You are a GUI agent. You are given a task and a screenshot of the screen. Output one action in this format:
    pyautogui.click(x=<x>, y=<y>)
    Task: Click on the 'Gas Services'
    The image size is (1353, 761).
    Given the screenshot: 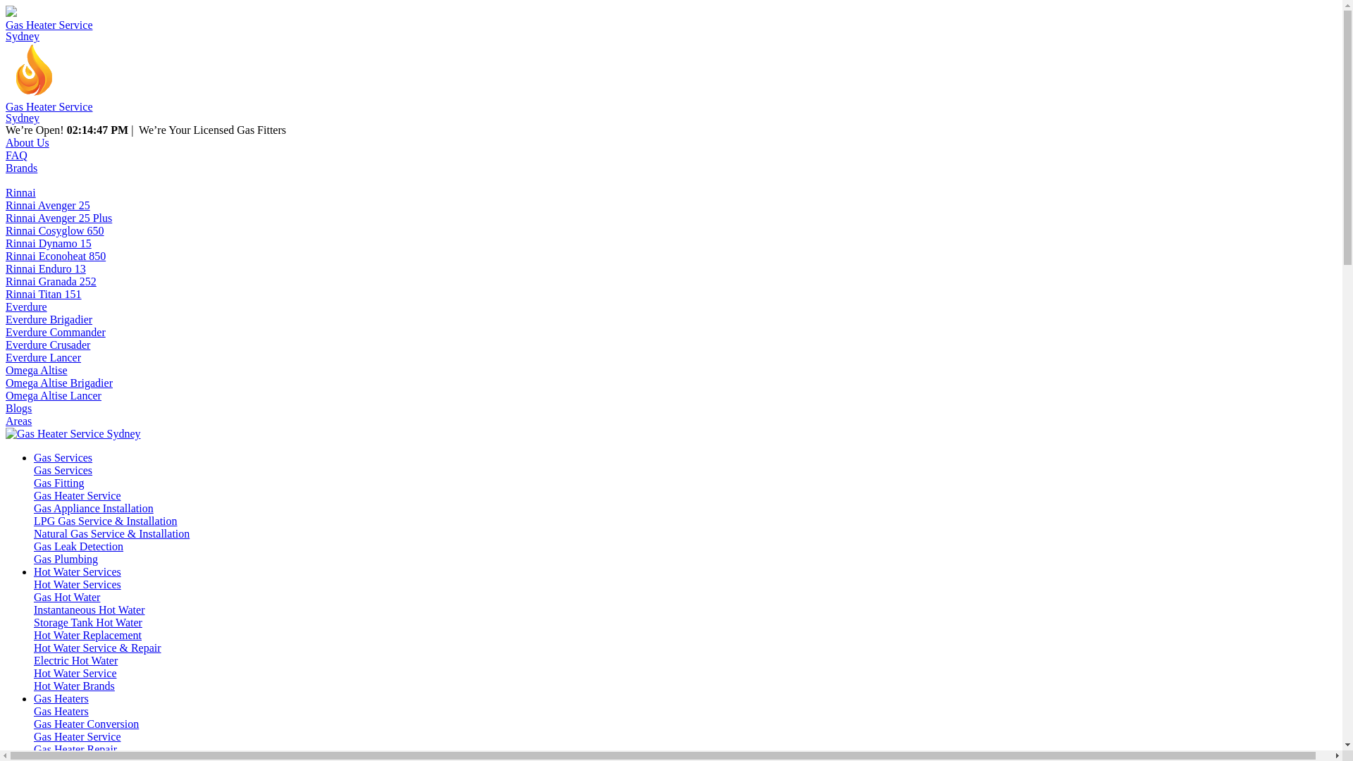 What is the action you would take?
    pyautogui.click(x=62, y=470)
    